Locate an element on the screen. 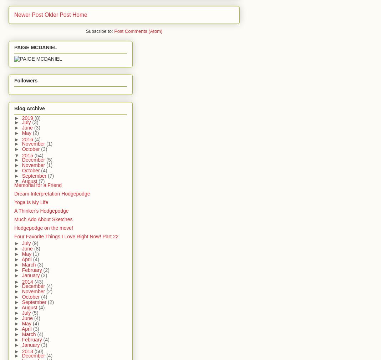 This screenshot has height=360, width=381. '(9)' is located at coordinates (32, 243).